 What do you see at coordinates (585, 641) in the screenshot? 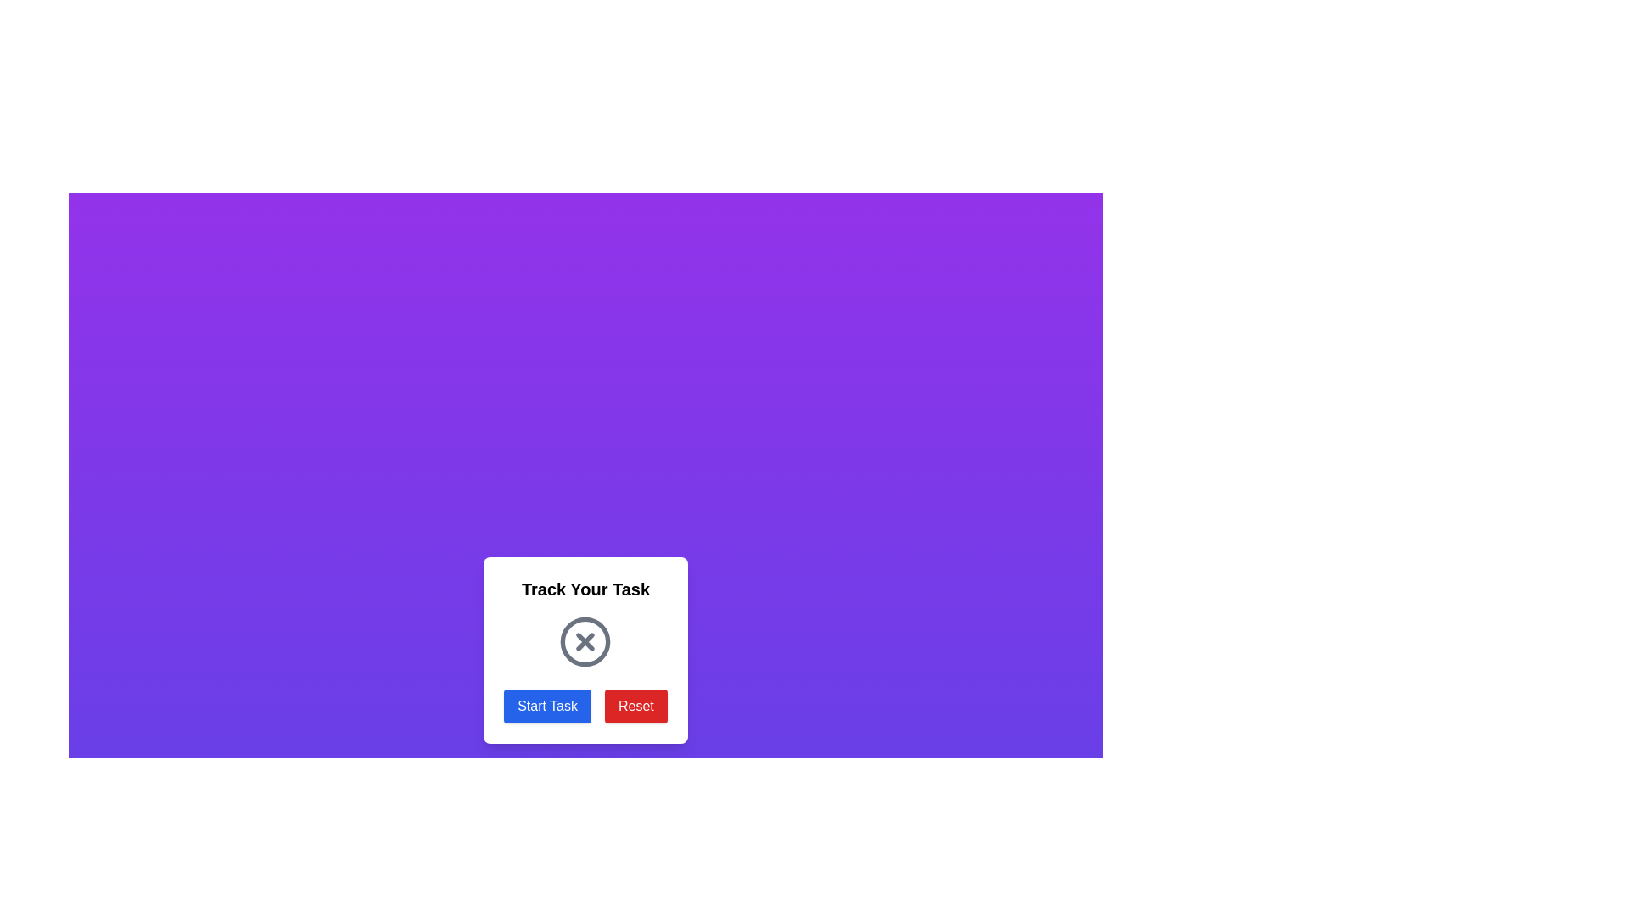
I see `the circular gray icon with an 'X' mark located below the heading 'Track Your Task' and above the buttons 'Start Task' and 'Reset'` at bounding box center [585, 641].